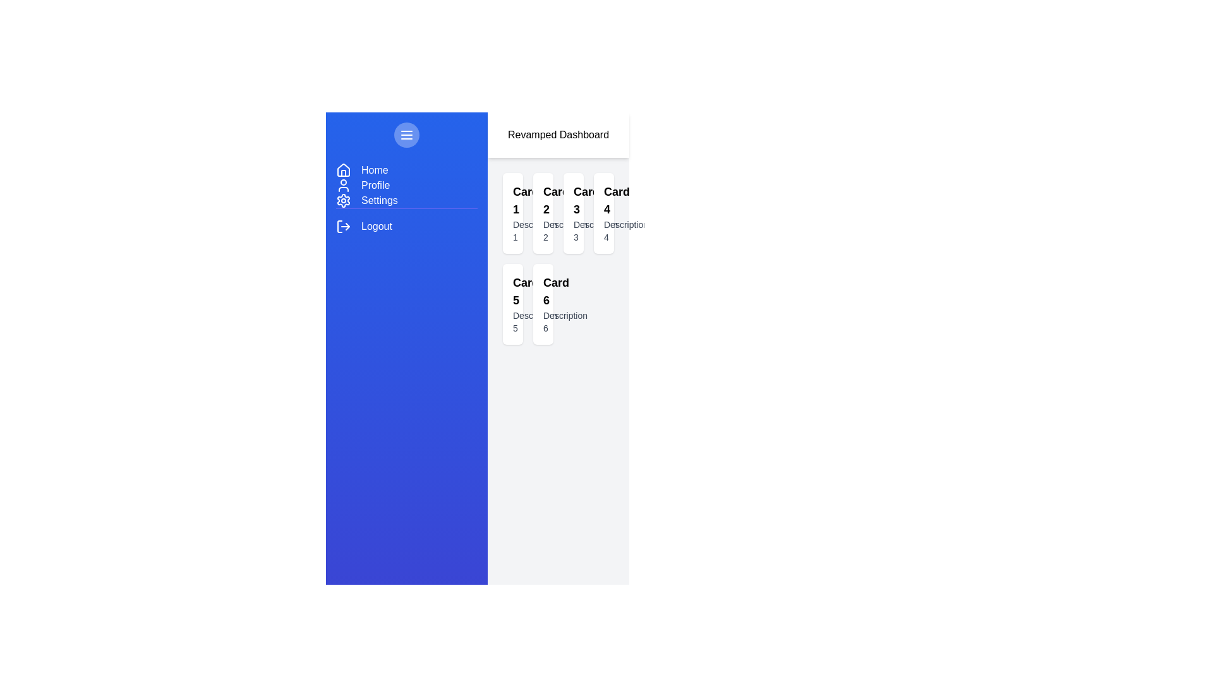 The image size is (1213, 682). Describe the element at coordinates (378, 200) in the screenshot. I see `the navigational menu option labeled 'Settings' in the vertical sidebar menu` at that location.